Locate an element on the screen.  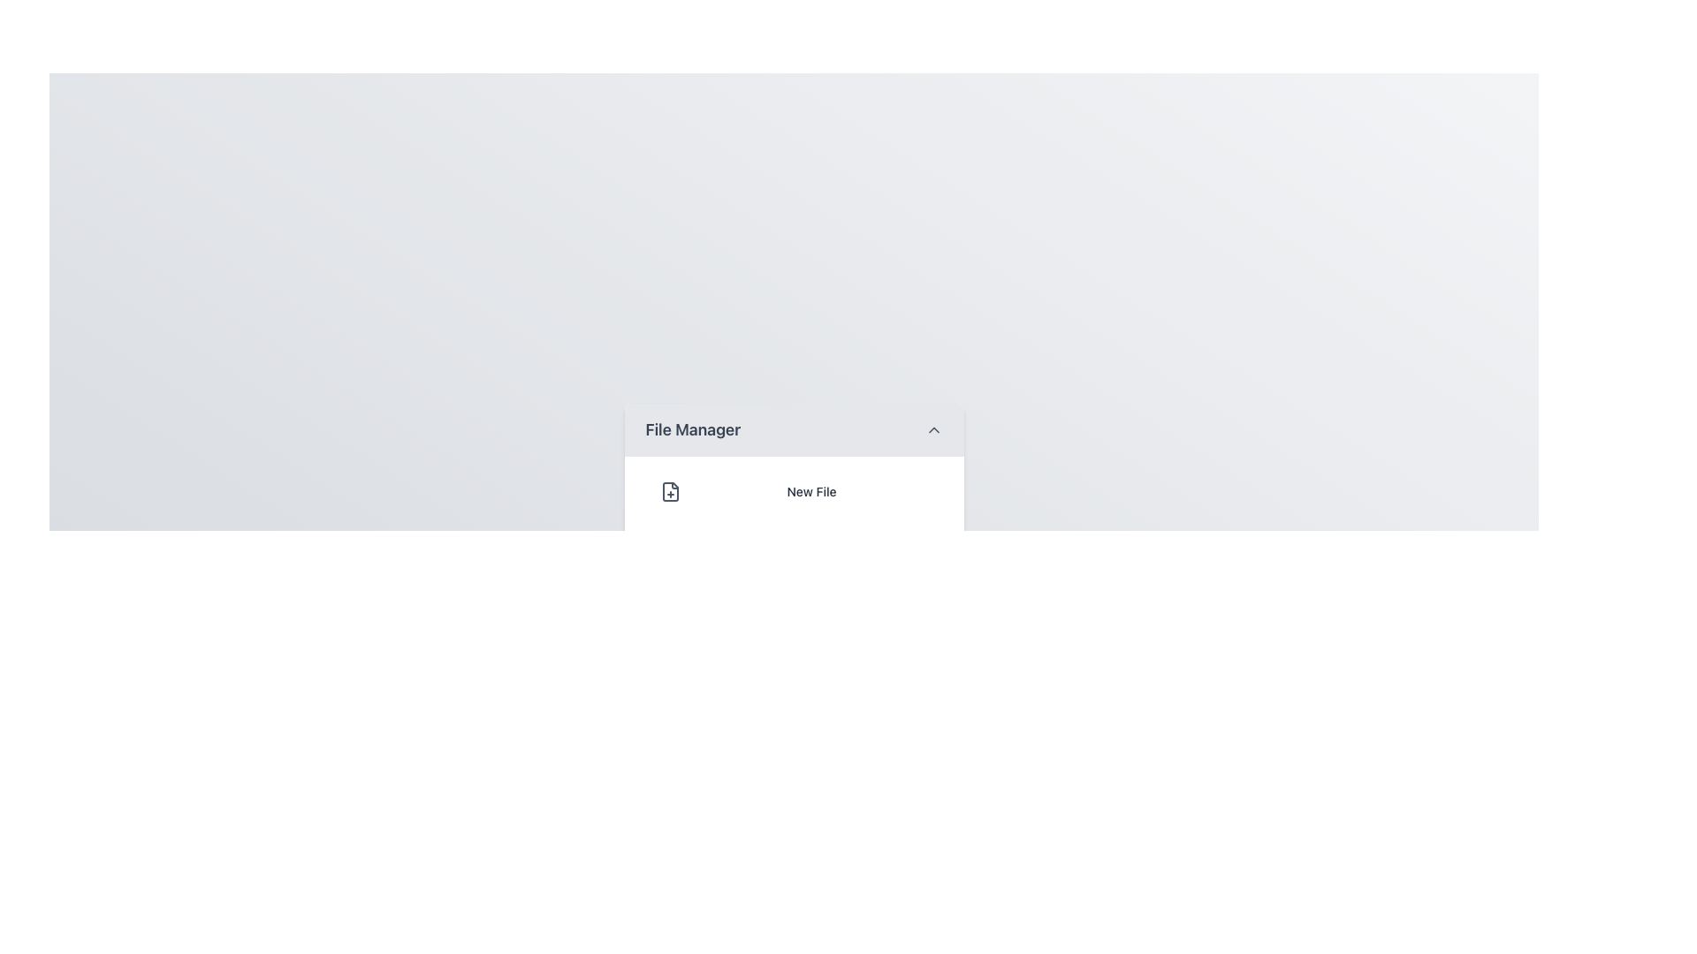
the rectangular document-like icon located to the left of the 'New File' label under the 'File Manager' header in the submenu is located at coordinates (669, 491).